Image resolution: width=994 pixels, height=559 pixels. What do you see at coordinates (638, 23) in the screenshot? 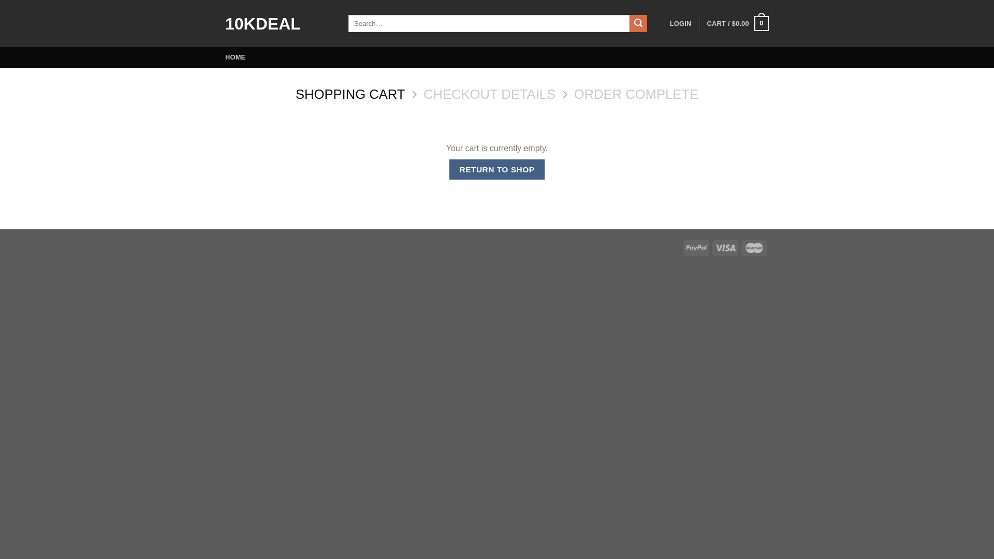
I see `'Search'` at bounding box center [638, 23].